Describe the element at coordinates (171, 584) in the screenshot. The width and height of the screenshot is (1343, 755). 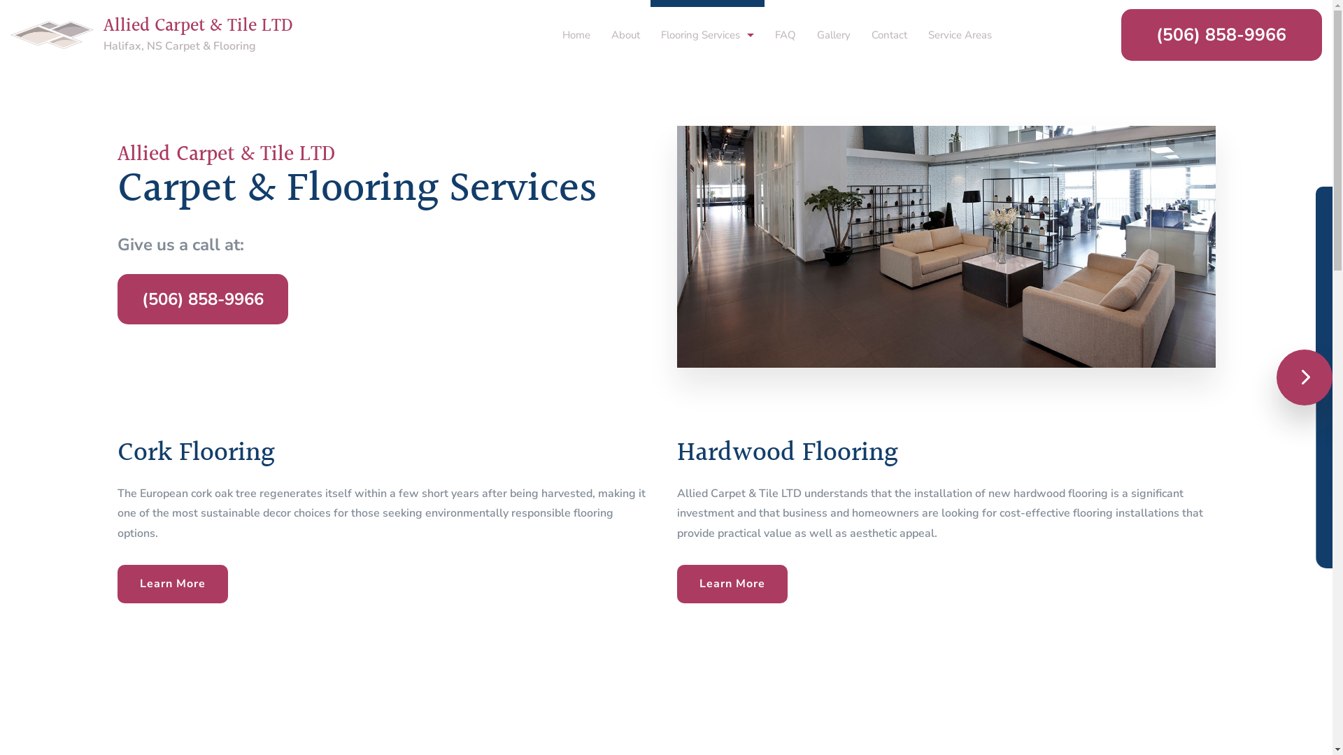
I see `'Learn More'` at that location.